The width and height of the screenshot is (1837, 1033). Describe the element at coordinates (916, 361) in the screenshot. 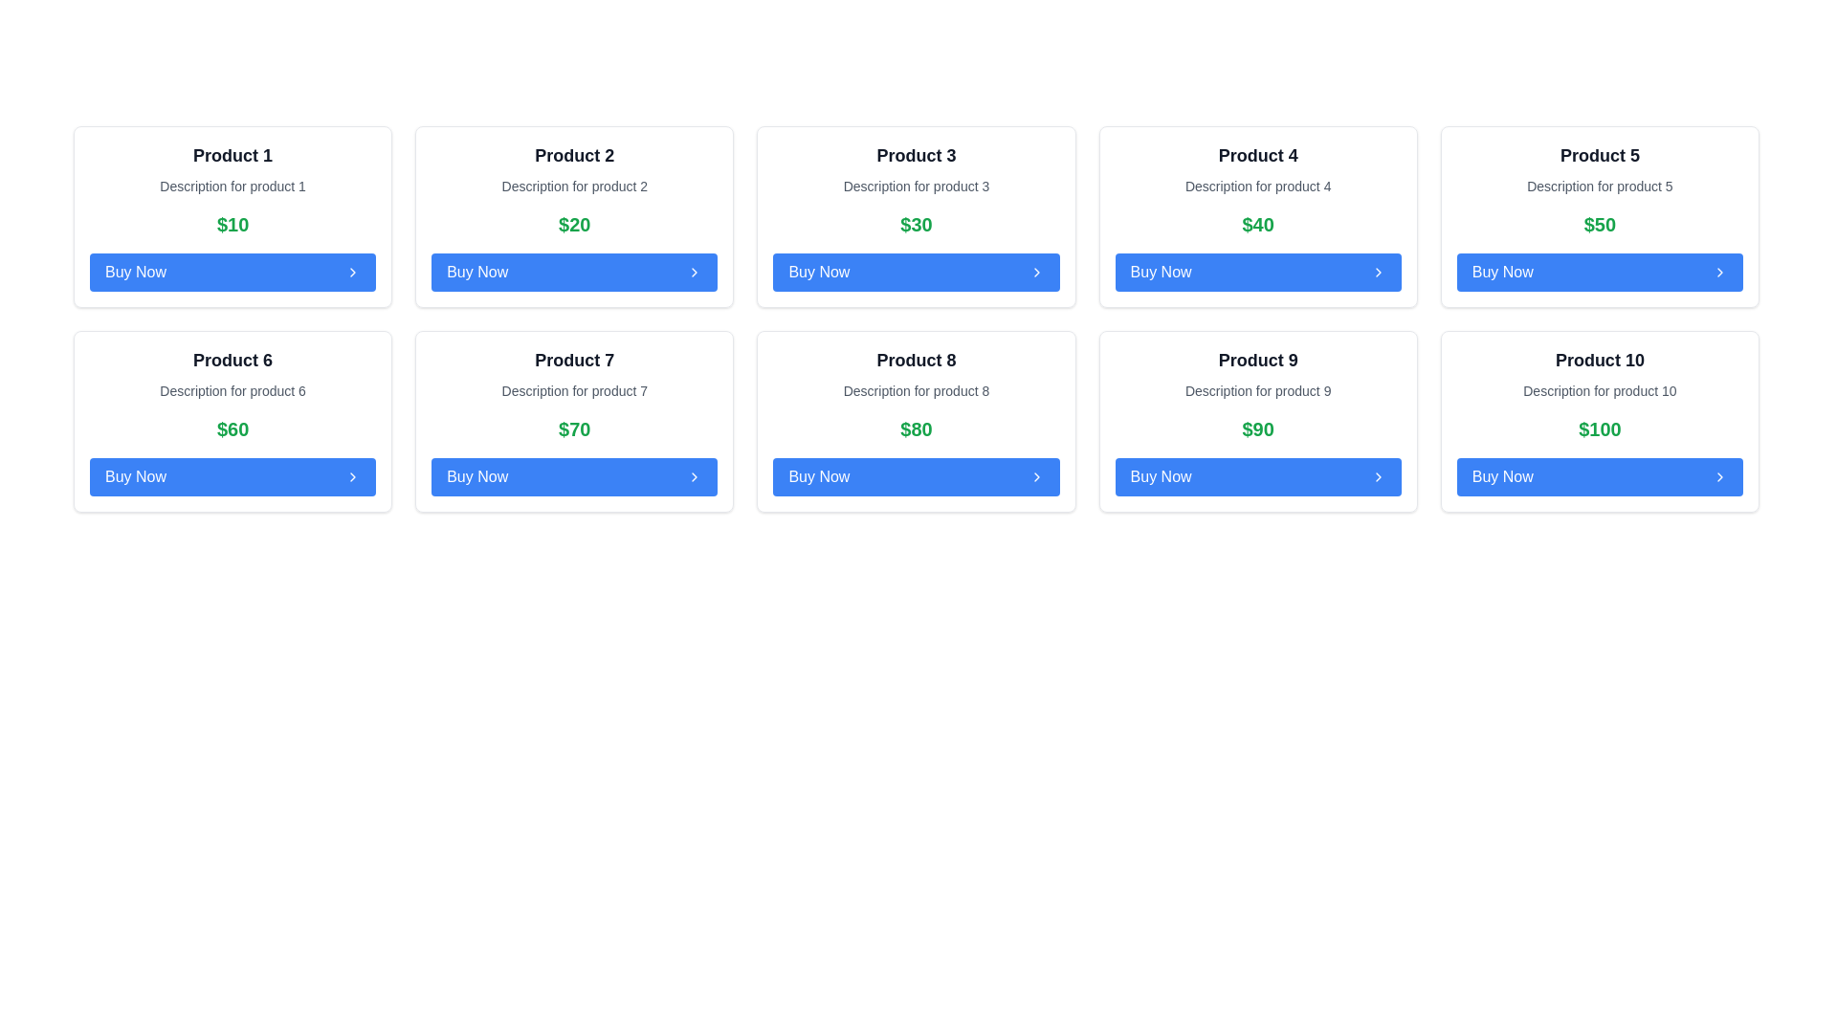

I see `the text label displaying 'Product 8', which is bold, large, and black, located at the top of its card` at that location.